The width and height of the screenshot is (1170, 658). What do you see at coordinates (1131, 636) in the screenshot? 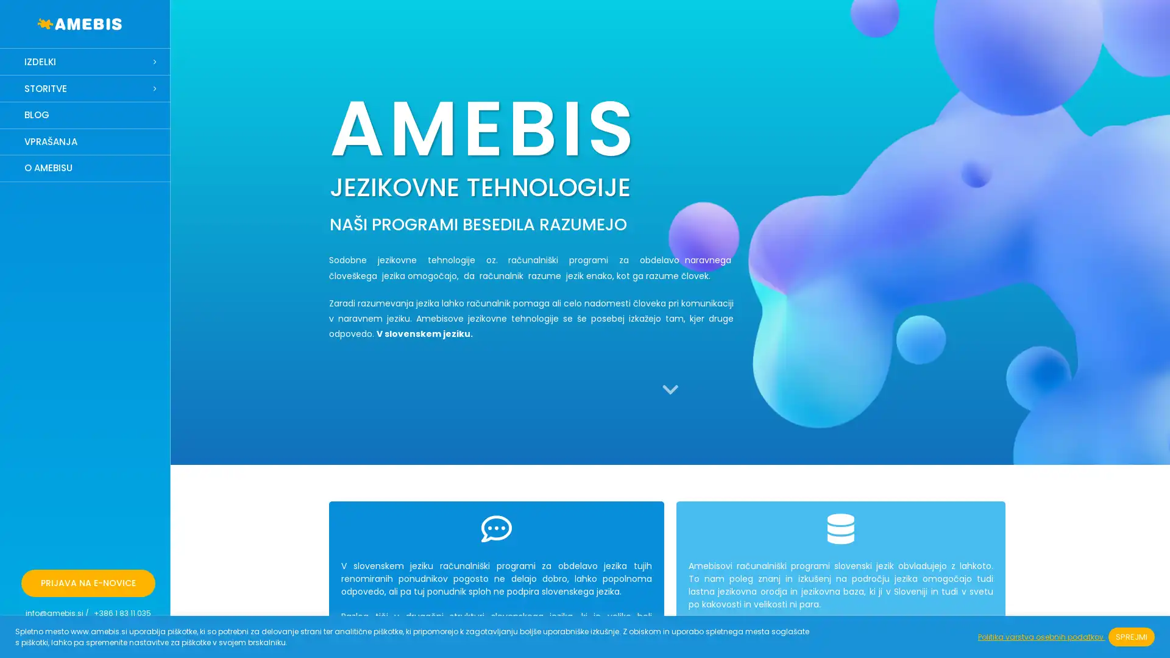
I see `SPREJMI` at bounding box center [1131, 636].